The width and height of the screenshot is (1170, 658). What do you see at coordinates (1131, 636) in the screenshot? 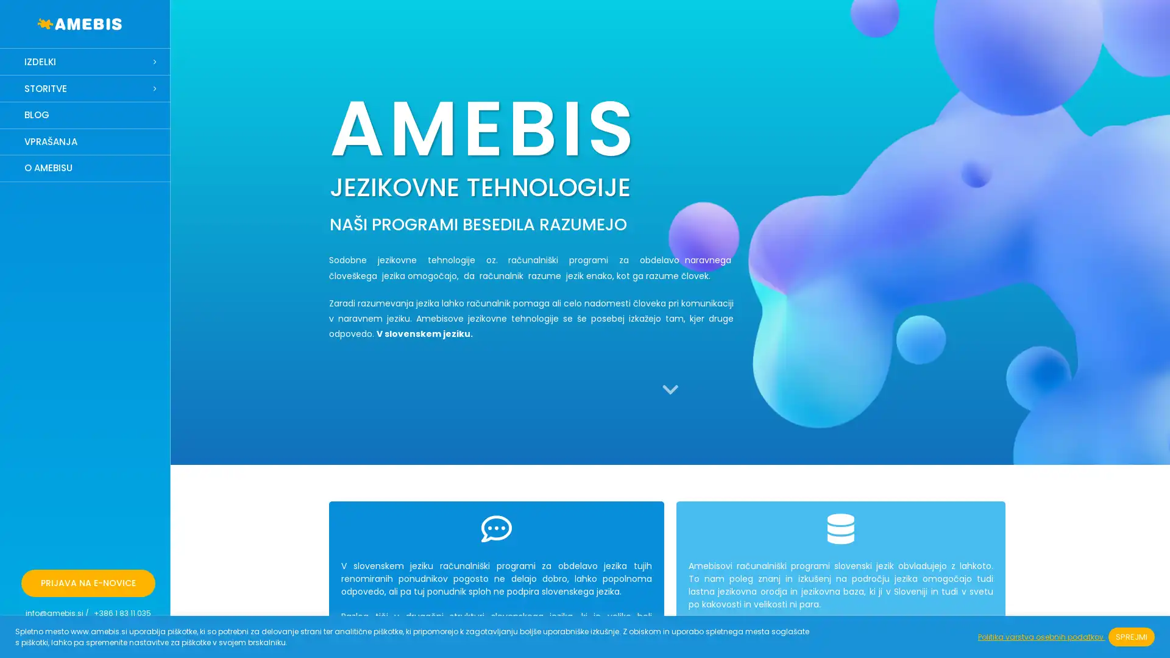
I see `SPREJMI` at bounding box center [1131, 636].